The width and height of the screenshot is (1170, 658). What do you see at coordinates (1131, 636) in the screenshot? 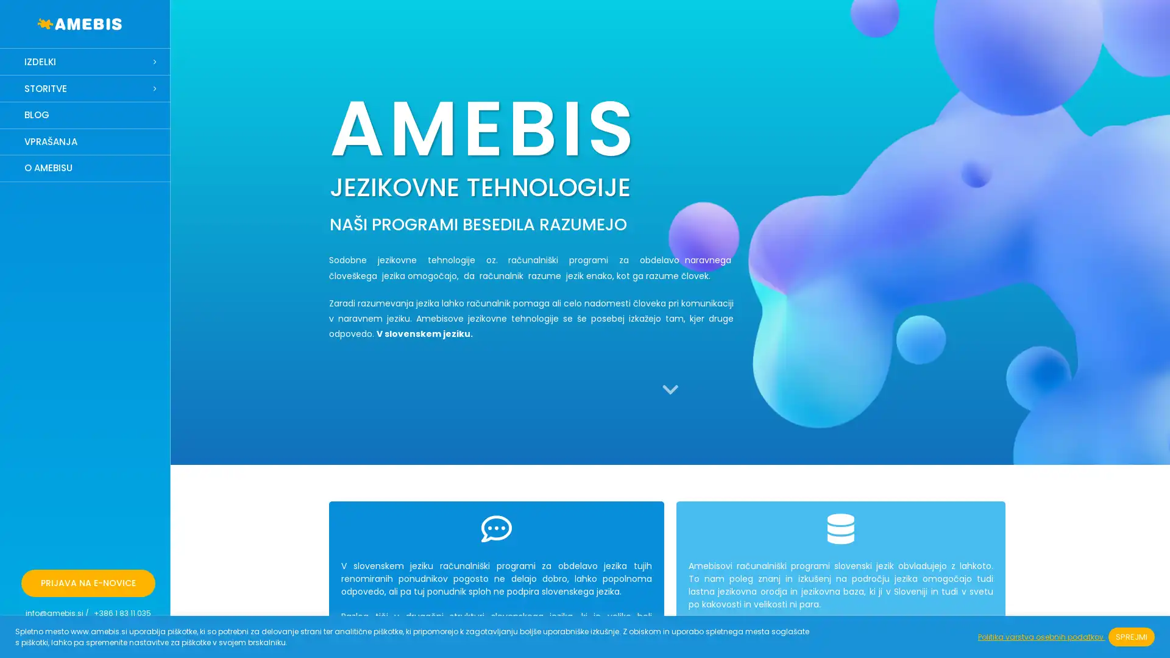
I see `SPREJMI` at bounding box center [1131, 636].